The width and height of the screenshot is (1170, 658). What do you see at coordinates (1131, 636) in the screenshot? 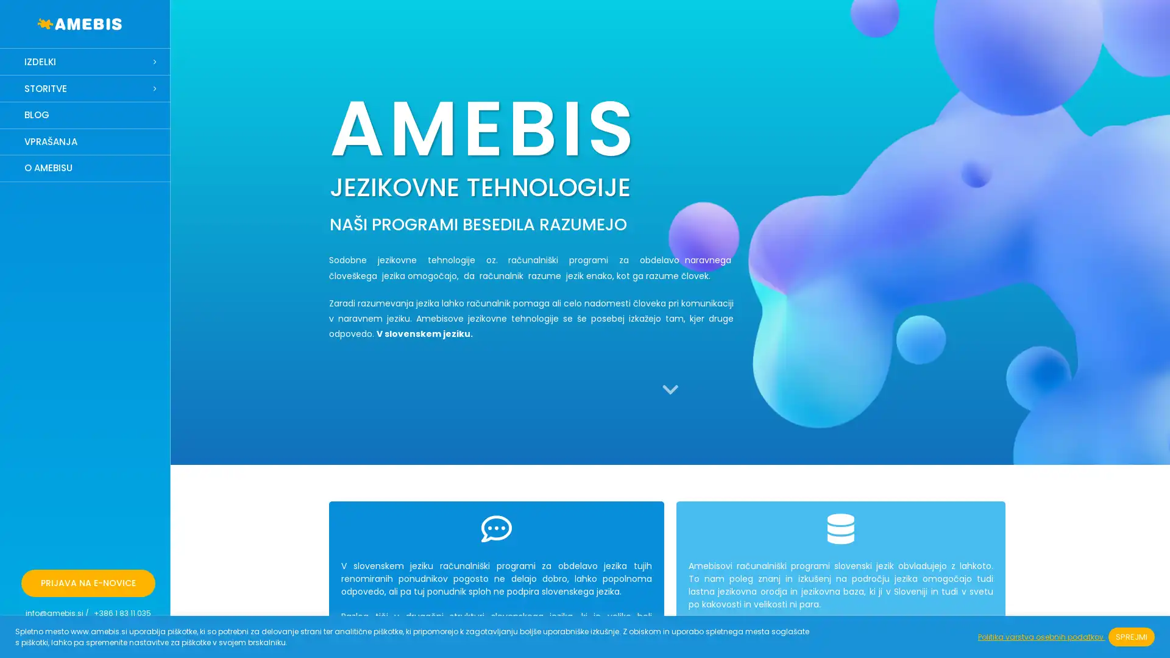
I see `SPREJMI` at bounding box center [1131, 636].